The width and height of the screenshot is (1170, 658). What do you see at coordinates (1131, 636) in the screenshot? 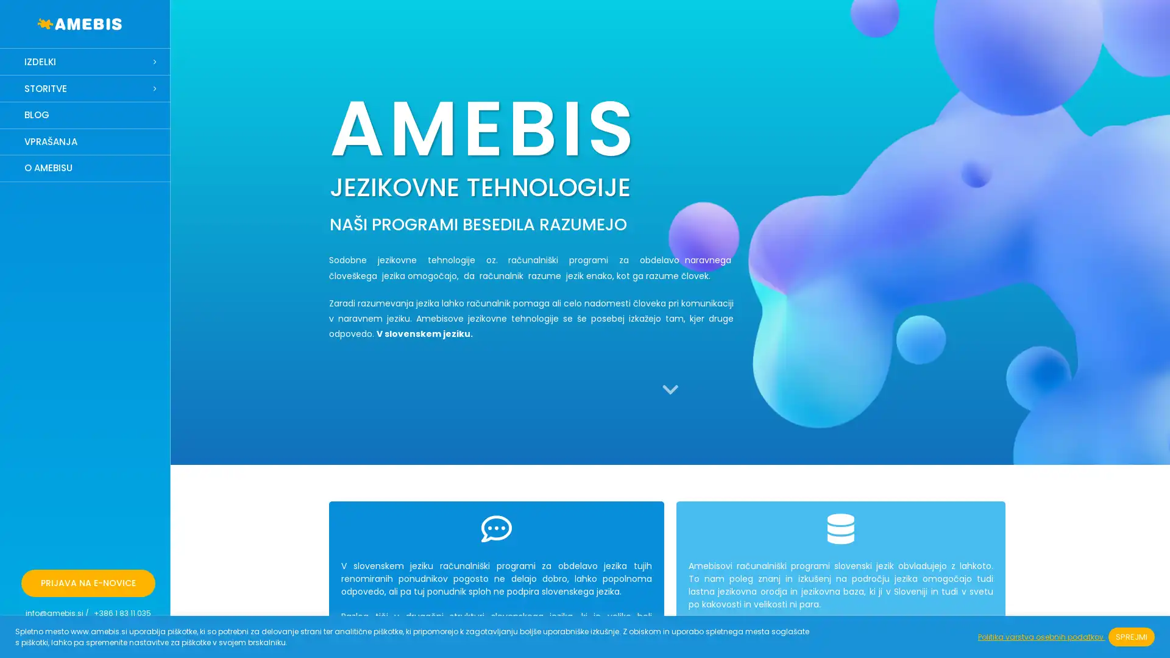
I see `SPREJMI` at bounding box center [1131, 636].